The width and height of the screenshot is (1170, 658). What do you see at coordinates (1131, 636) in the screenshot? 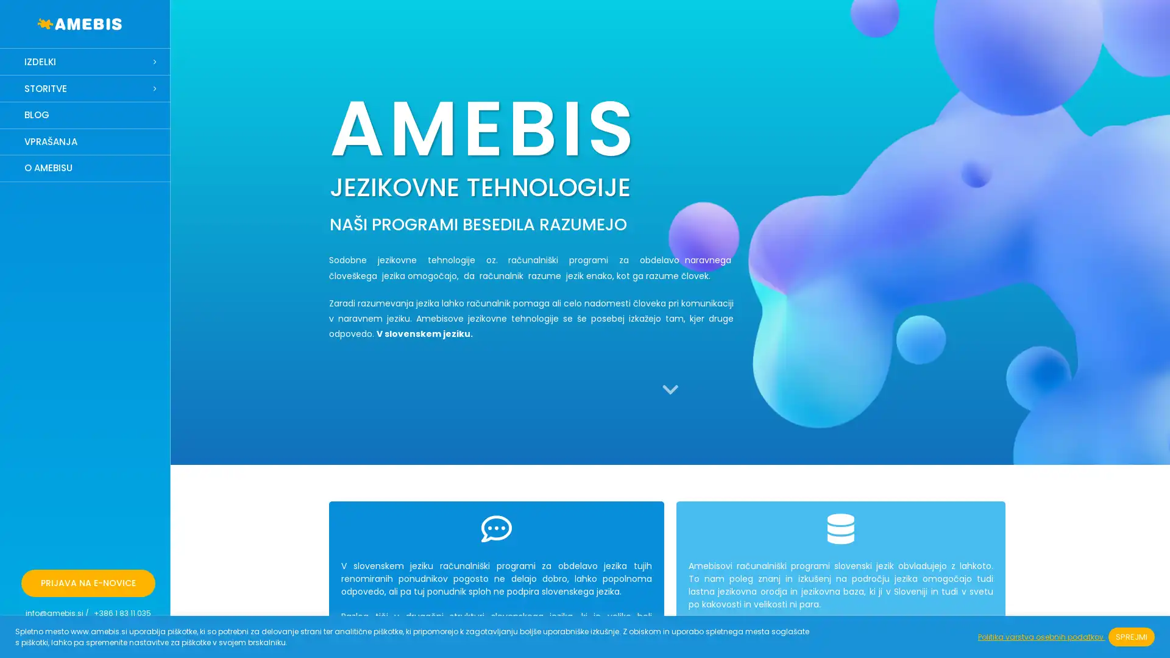
I see `SPREJMI` at bounding box center [1131, 636].